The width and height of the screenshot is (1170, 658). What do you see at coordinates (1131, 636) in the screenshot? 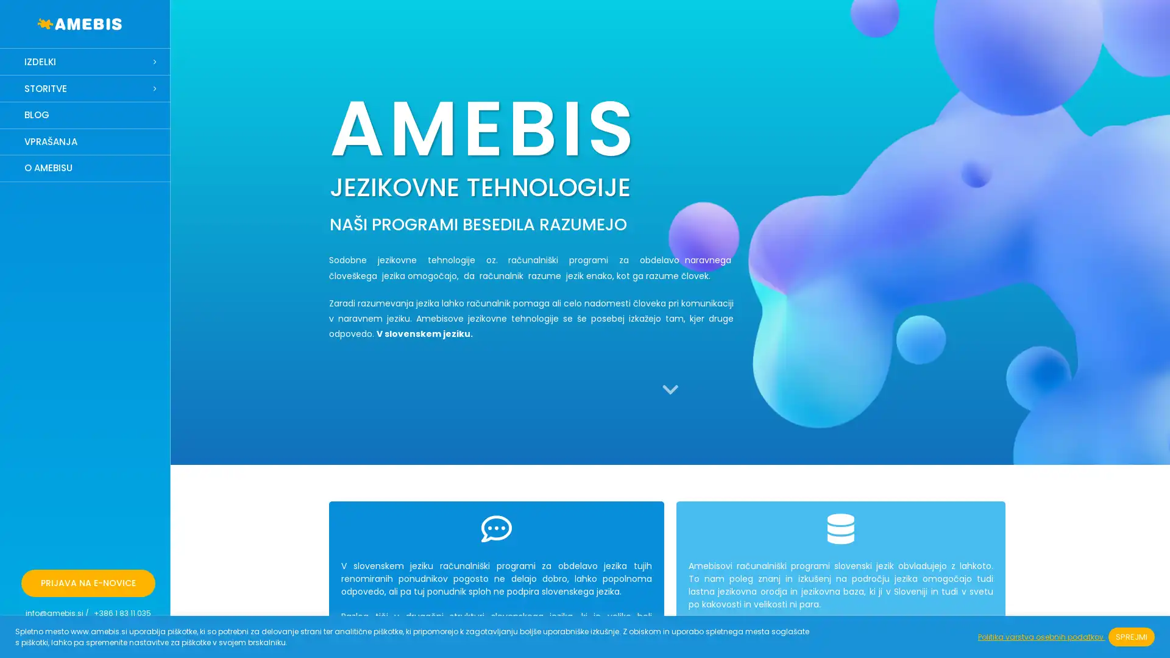
I see `SPREJMI` at bounding box center [1131, 636].